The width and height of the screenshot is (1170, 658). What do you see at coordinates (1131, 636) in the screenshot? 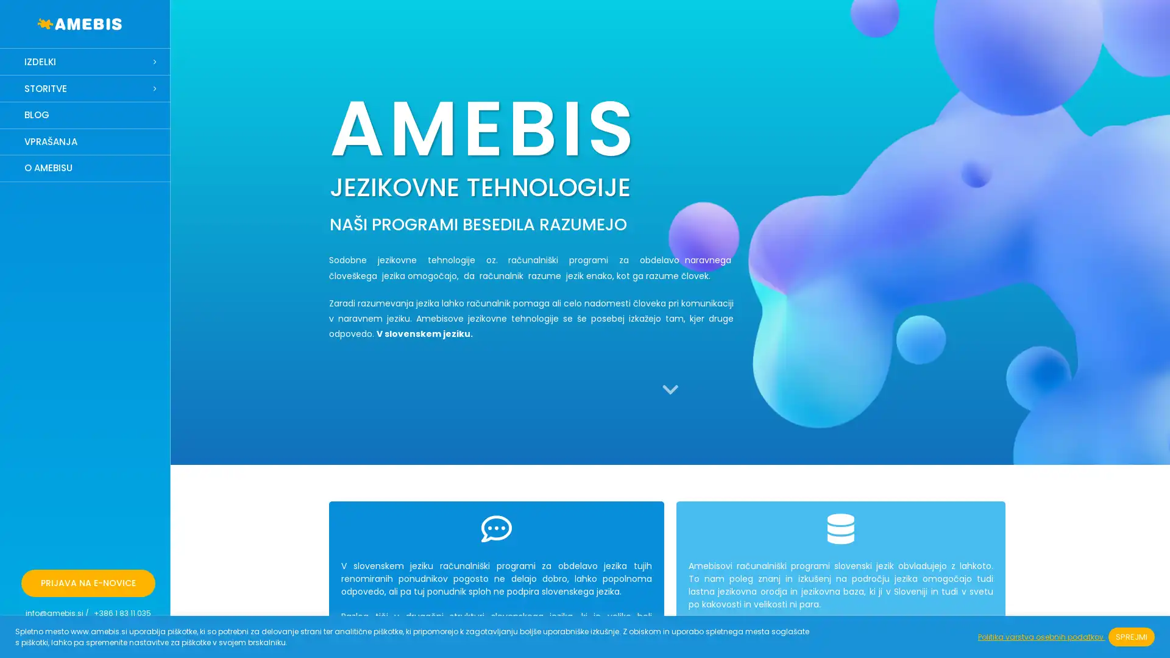
I see `SPREJMI` at bounding box center [1131, 636].